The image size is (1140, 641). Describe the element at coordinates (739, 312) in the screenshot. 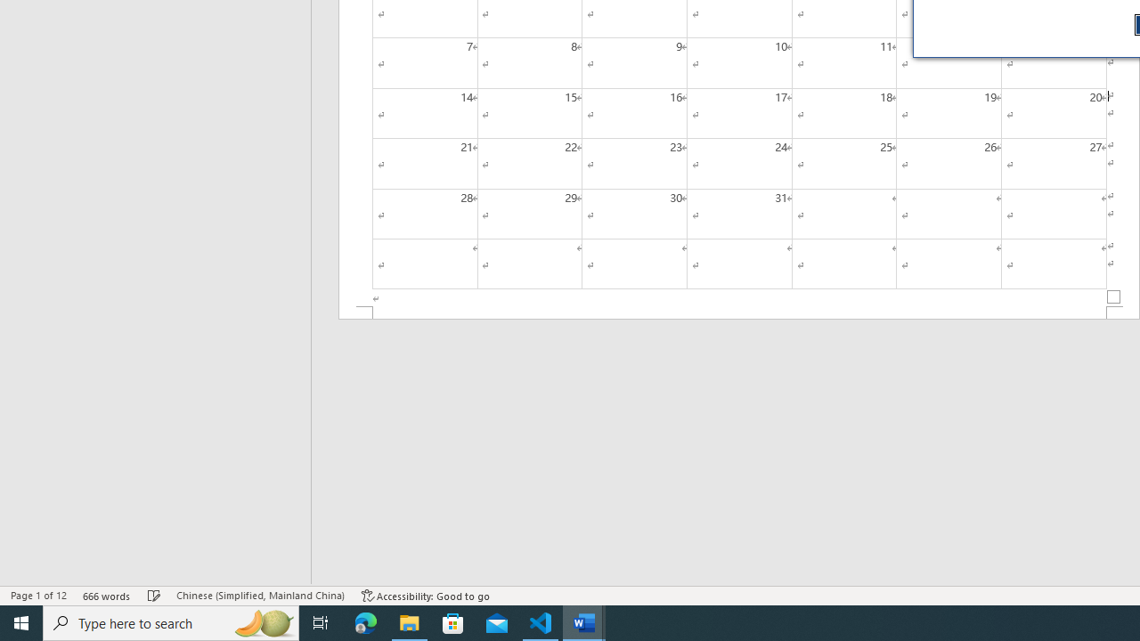

I see `'Footer -Section 1-'` at that location.